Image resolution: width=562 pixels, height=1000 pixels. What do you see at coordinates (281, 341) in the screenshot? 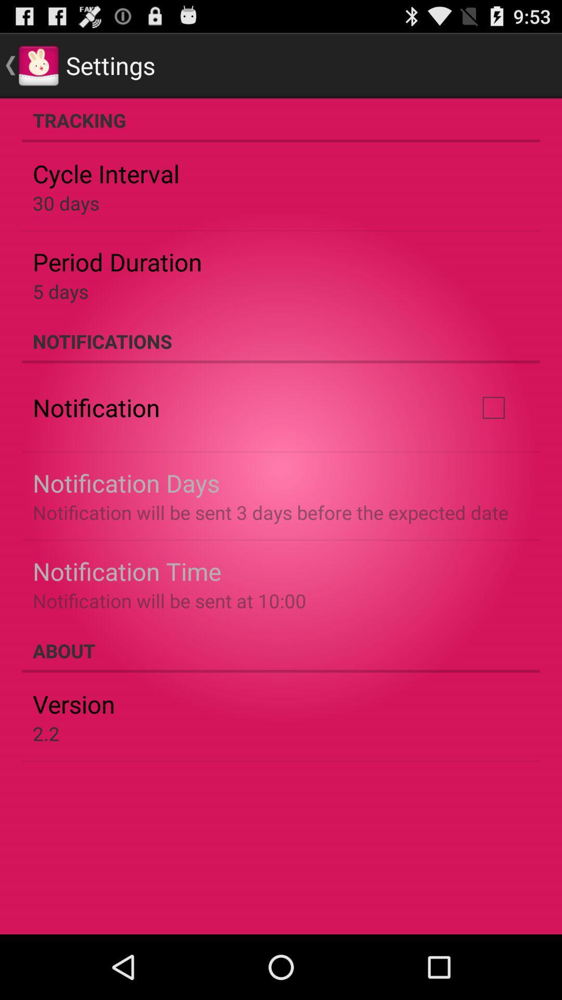
I see `icon below 5 days` at bounding box center [281, 341].